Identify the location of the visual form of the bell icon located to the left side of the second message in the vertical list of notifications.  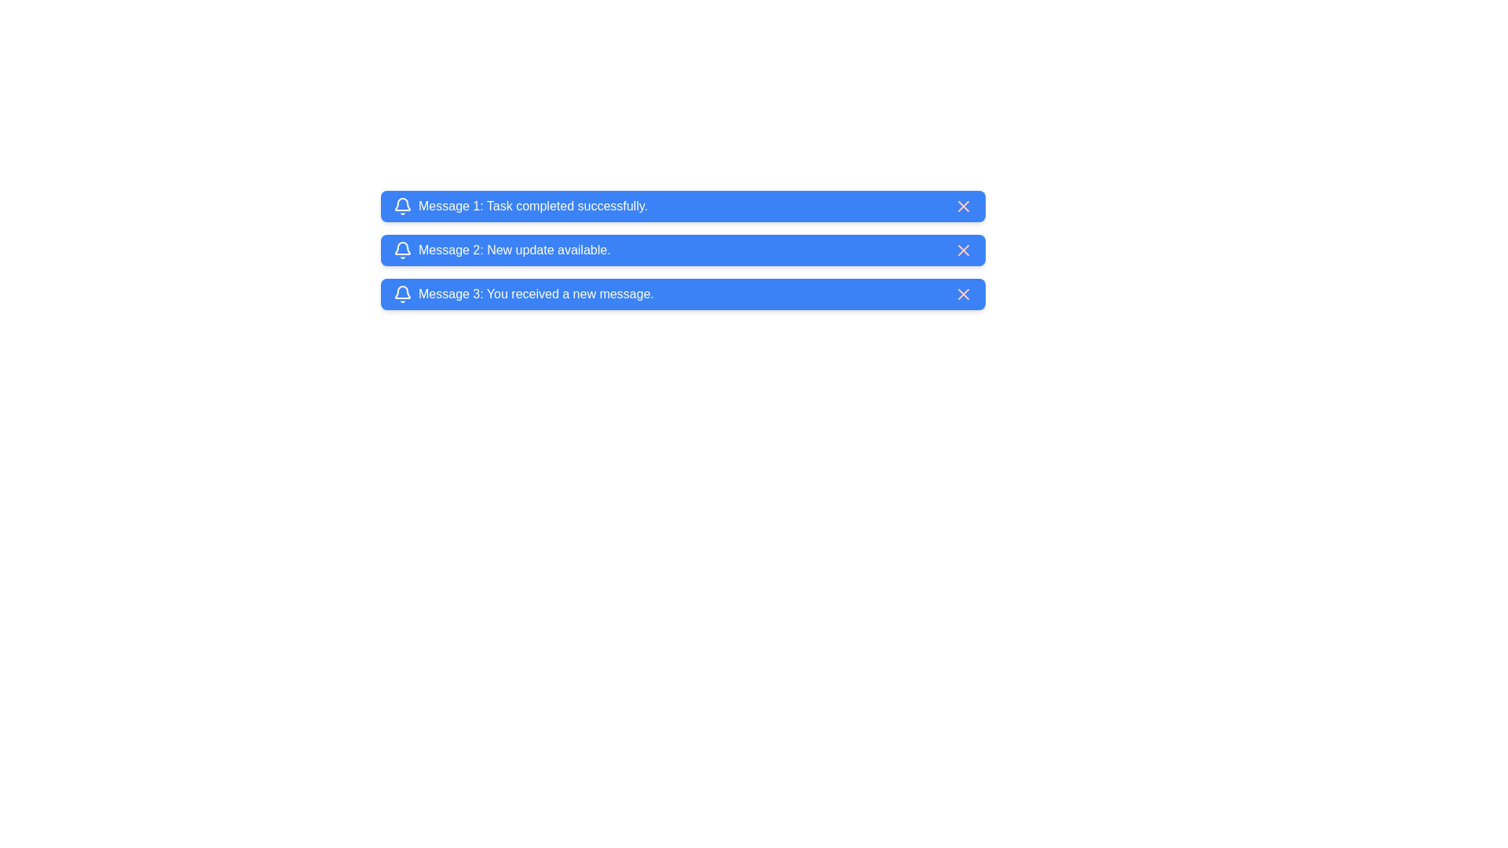
(403, 247).